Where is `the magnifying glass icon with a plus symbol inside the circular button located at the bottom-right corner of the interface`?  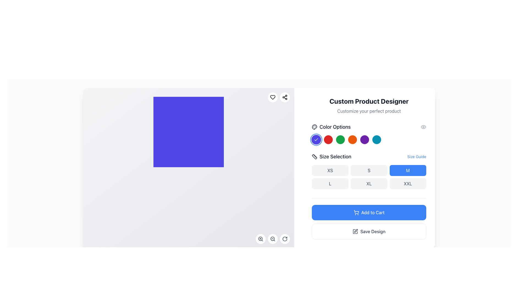
the magnifying glass icon with a plus symbol inside the circular button located at the bottom-right corner of the interface is located at coordinates (260, 238).